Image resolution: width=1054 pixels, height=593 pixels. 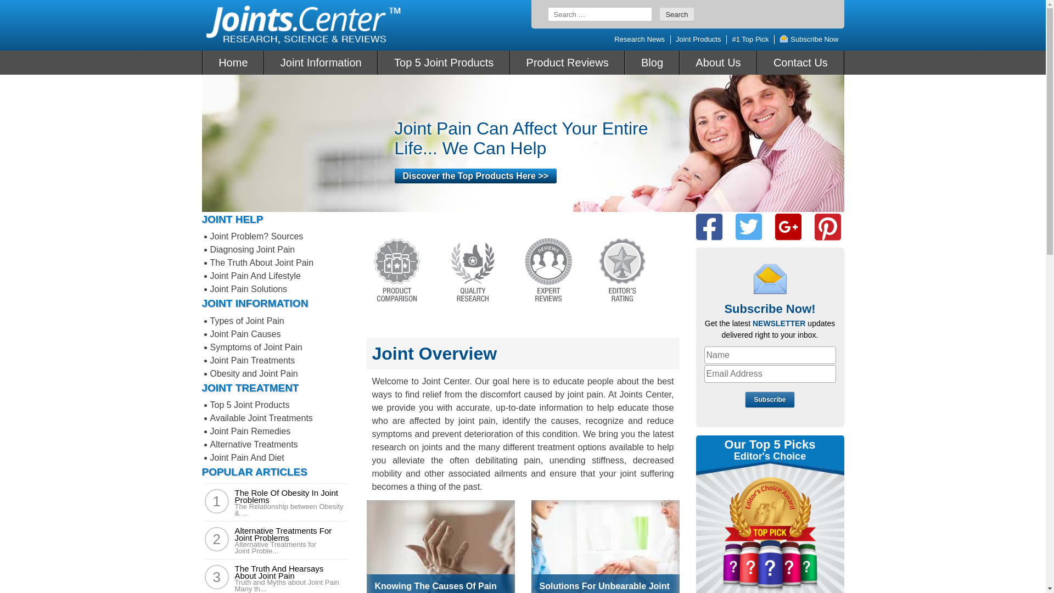 I want to click on 'Types of Joint Pain', so click(x=246, y=321).